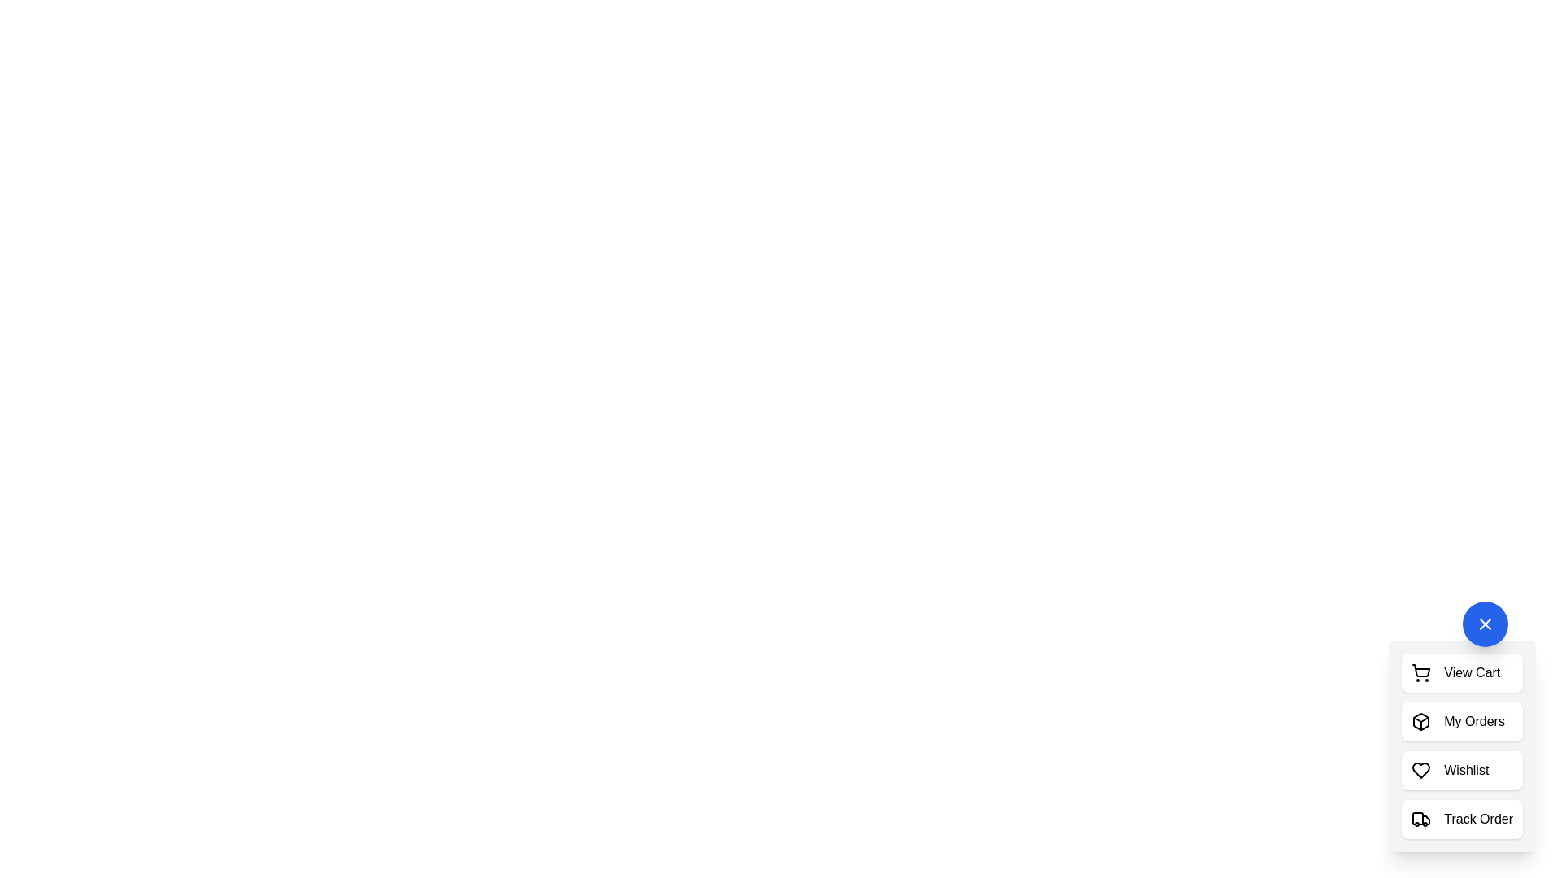 This screenshot has width=1562, height=878. Describe the element at coordinates (1462, 720) in the screenshot. I see `the 'My Orders' button` at that location.